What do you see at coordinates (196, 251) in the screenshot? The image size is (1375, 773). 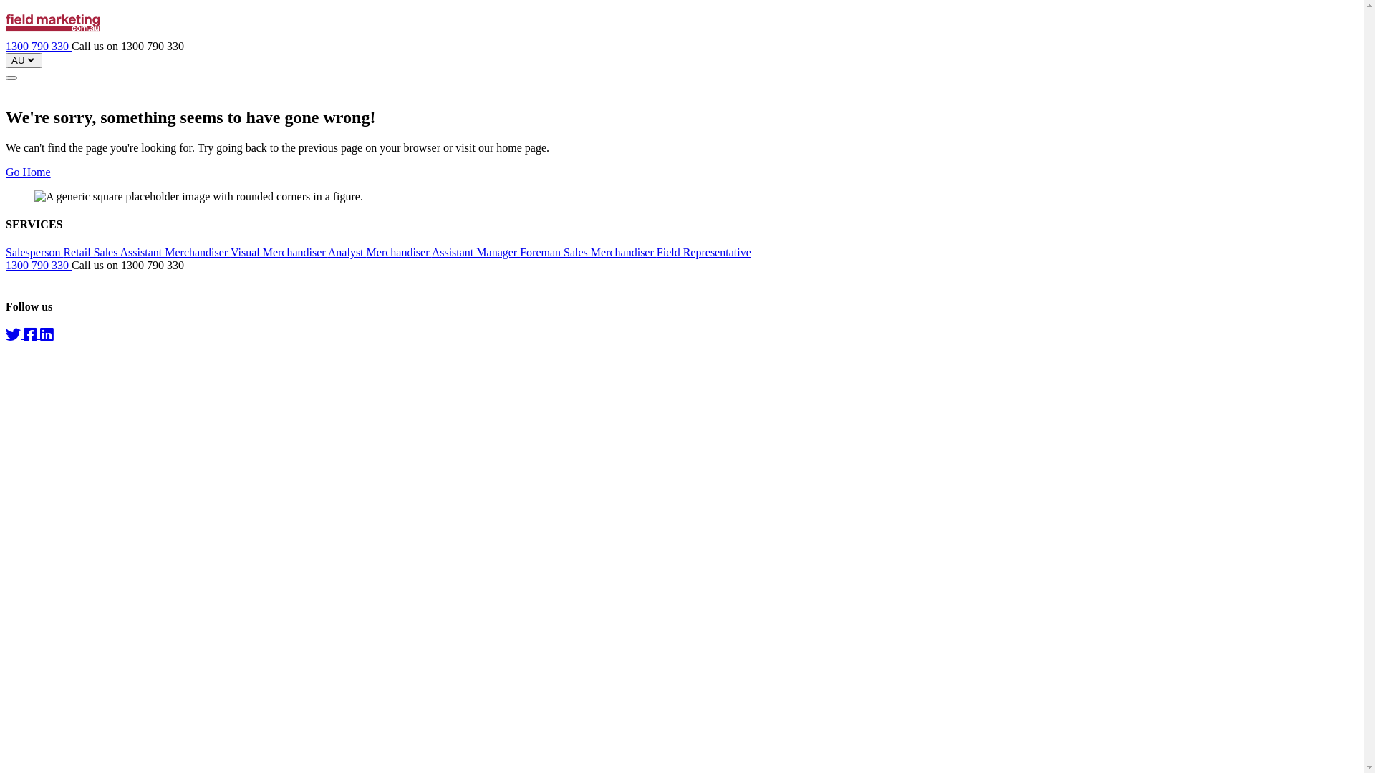 I see `'Merchandiser'` at bounding box center [196, 251].